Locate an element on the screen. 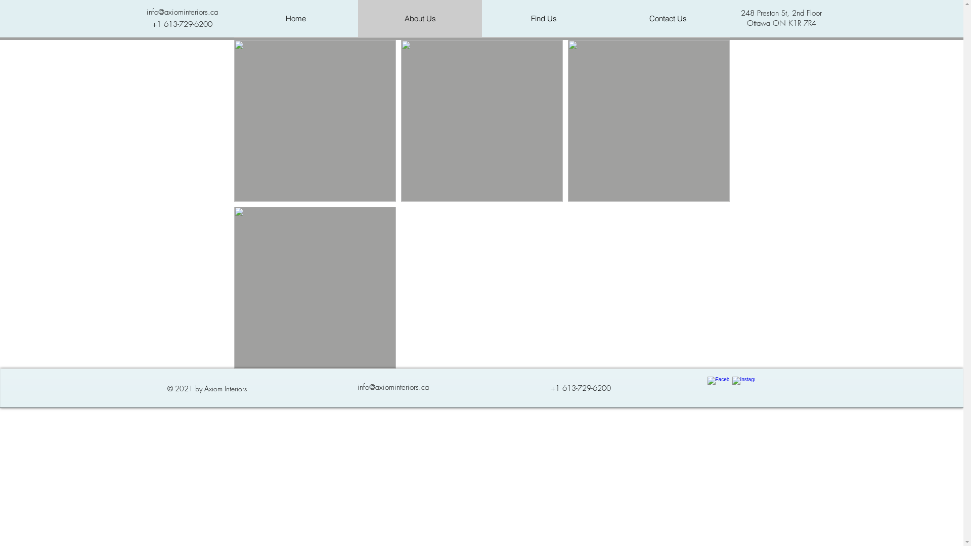  'Contact Us' is located at coordinates (668, 18).